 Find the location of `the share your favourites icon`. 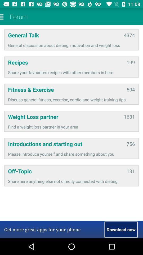

the share your favourites icon is located at coordinates (71, 72).